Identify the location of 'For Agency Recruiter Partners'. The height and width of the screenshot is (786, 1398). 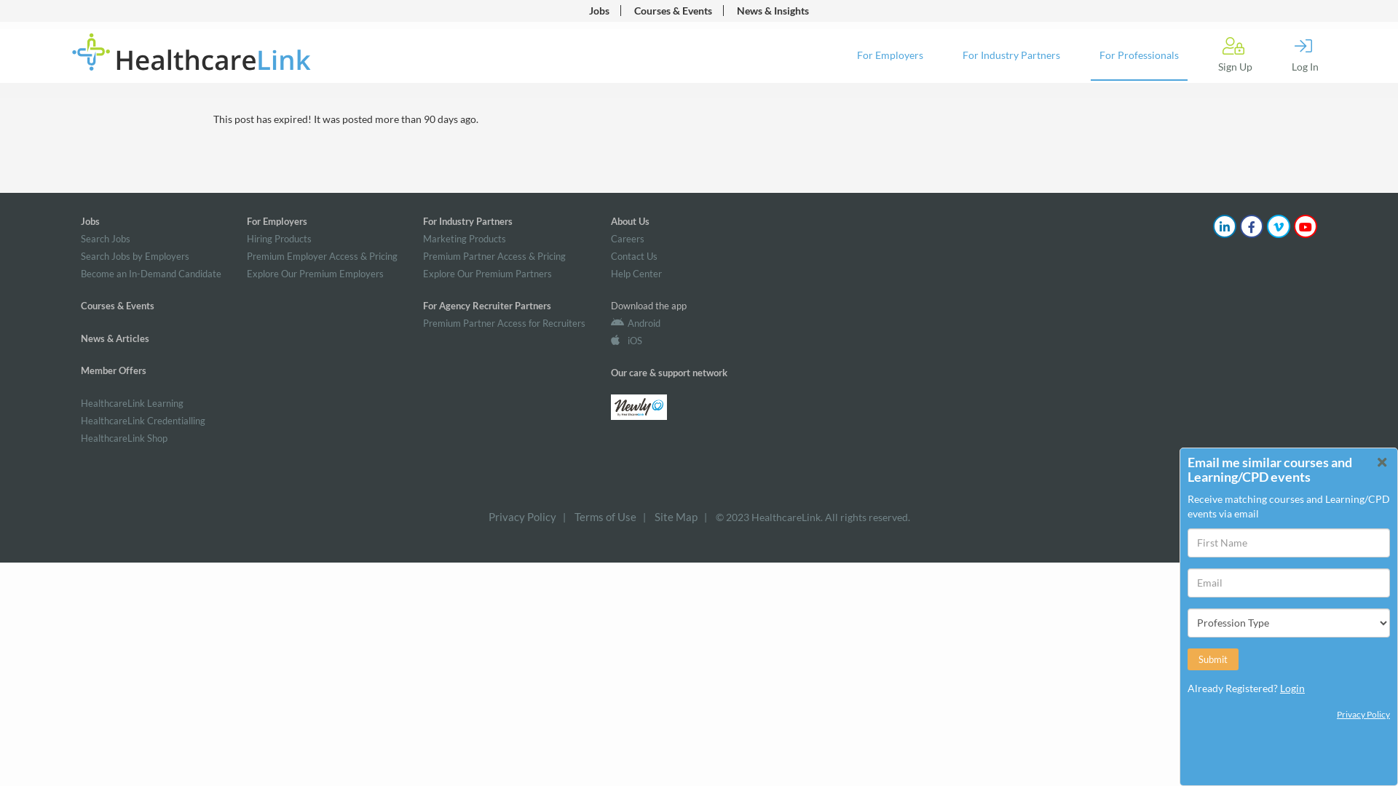
(486, 305).